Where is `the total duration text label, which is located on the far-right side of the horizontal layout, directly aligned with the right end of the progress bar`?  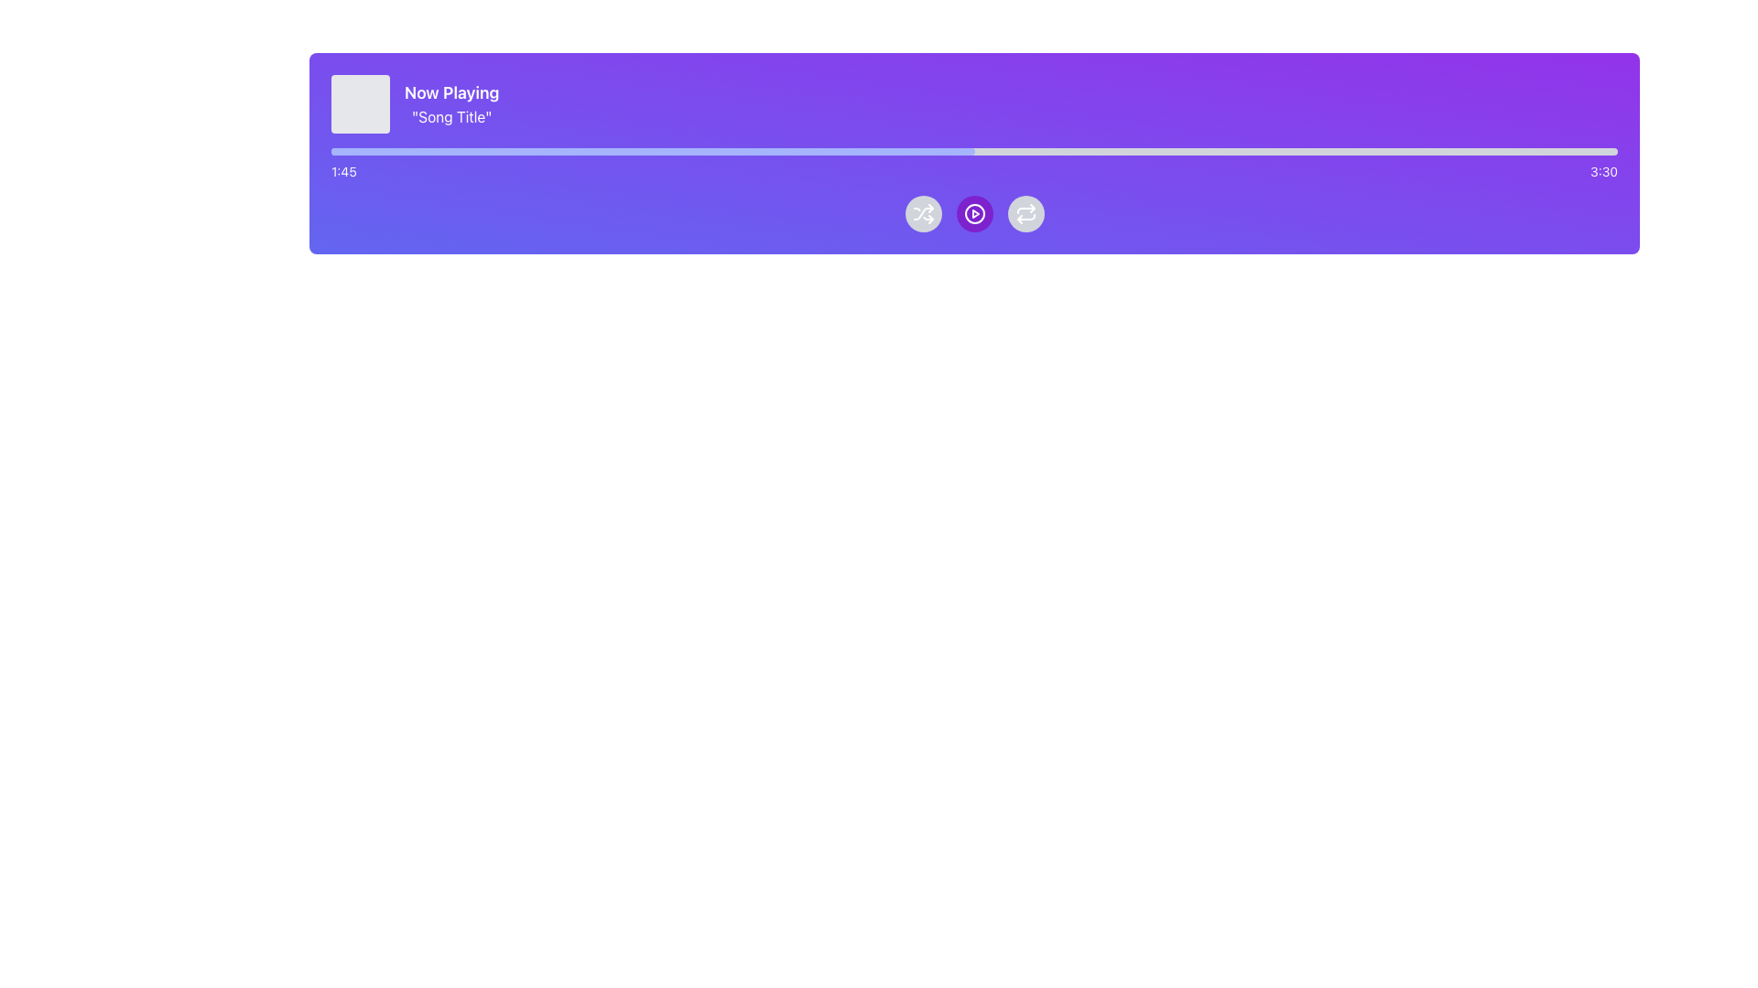
the total duration text label, which is located on the far-right side of the horizontal layout, directly aligned with the right end of the progress bar is located at coordinates (1603, 172).